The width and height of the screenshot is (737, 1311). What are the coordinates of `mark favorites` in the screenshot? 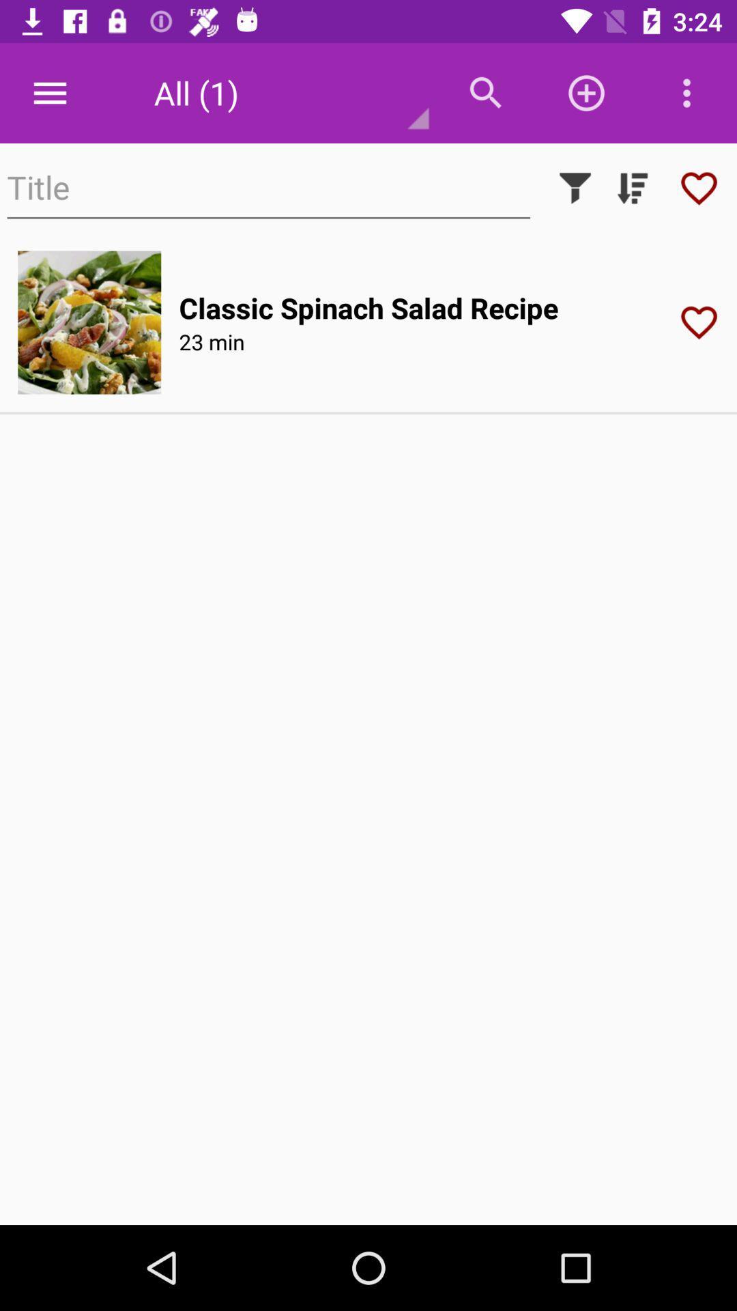 It's located at (699, 187).